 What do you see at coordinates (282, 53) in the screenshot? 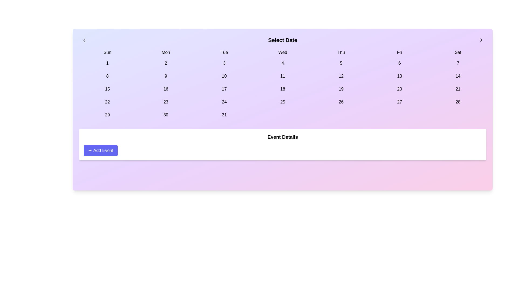
I see `the text element displaying 'Wed', which is the fourth day in the calendar's row of days of the week, centered horizontally in its allocated space` at bounding box center [282, 53].